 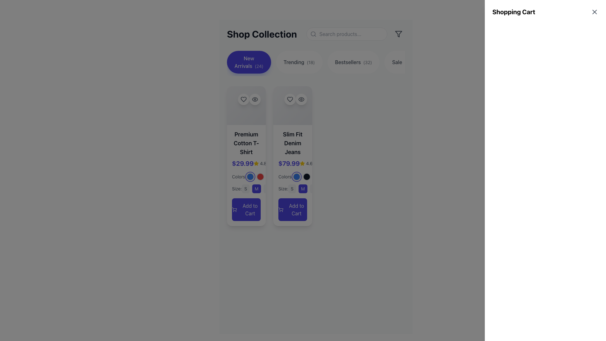 What do you see at coordinates (256, 188) in the screenshot?
I see `the second button labeled 'M' in the size selector section` at bounding box center [256, 188].